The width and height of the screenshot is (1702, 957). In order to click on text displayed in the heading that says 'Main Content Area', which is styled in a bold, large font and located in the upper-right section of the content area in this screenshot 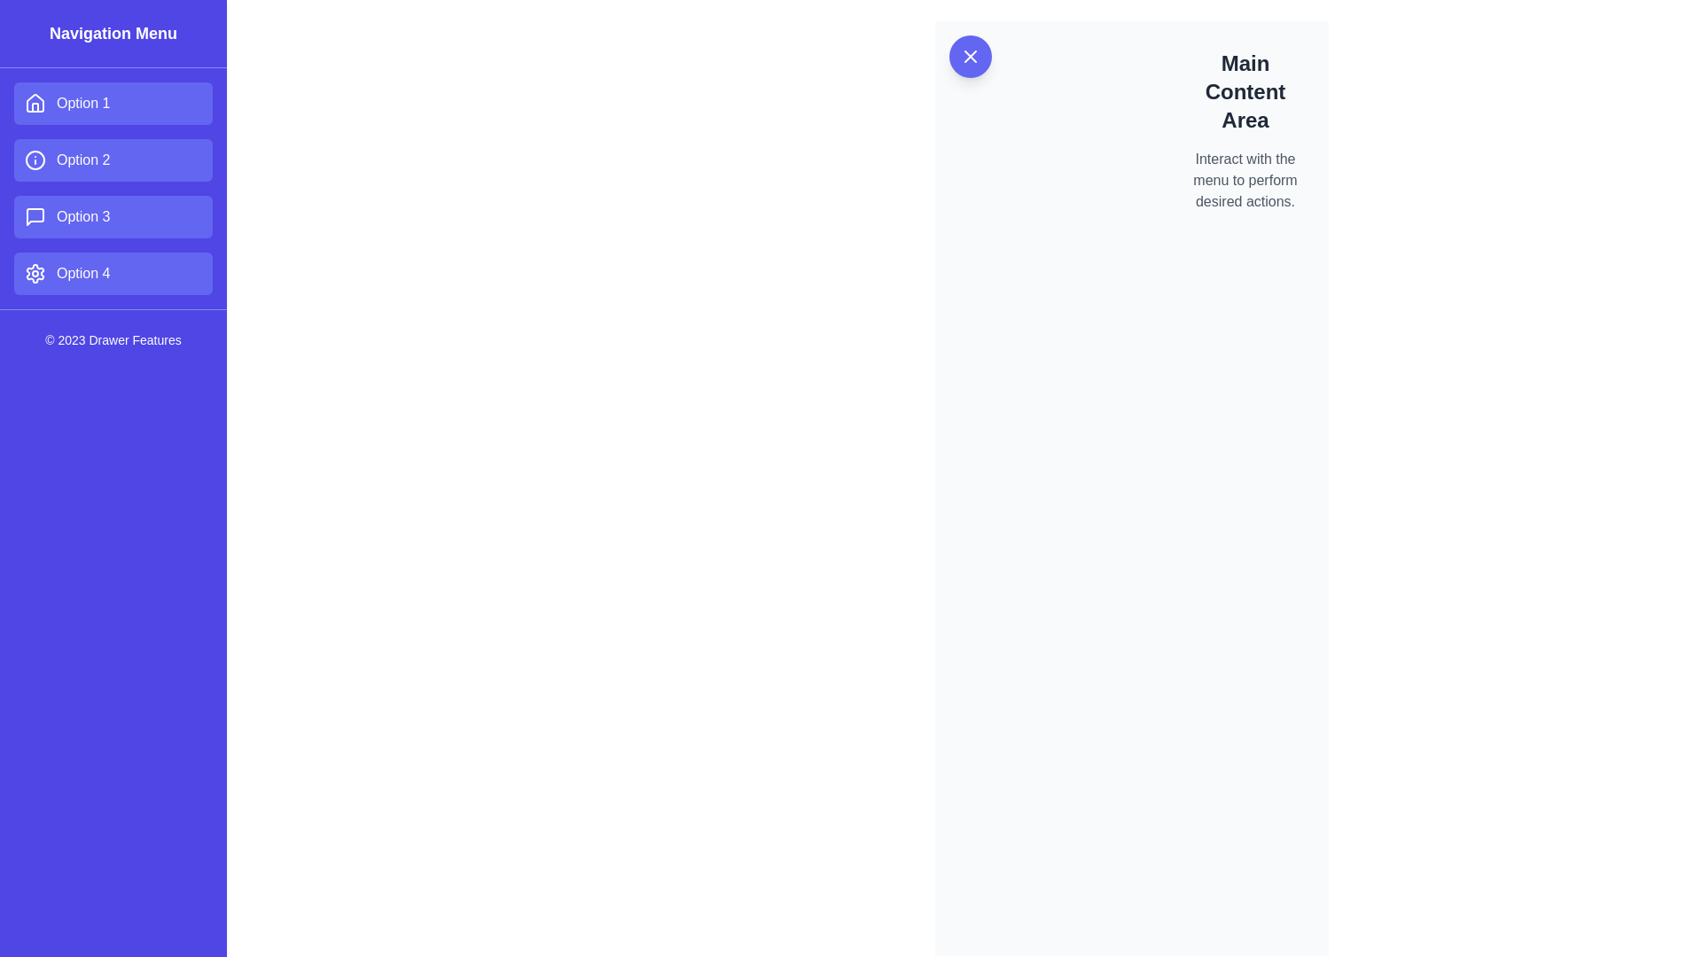, I will do `click(1245, 92)`.